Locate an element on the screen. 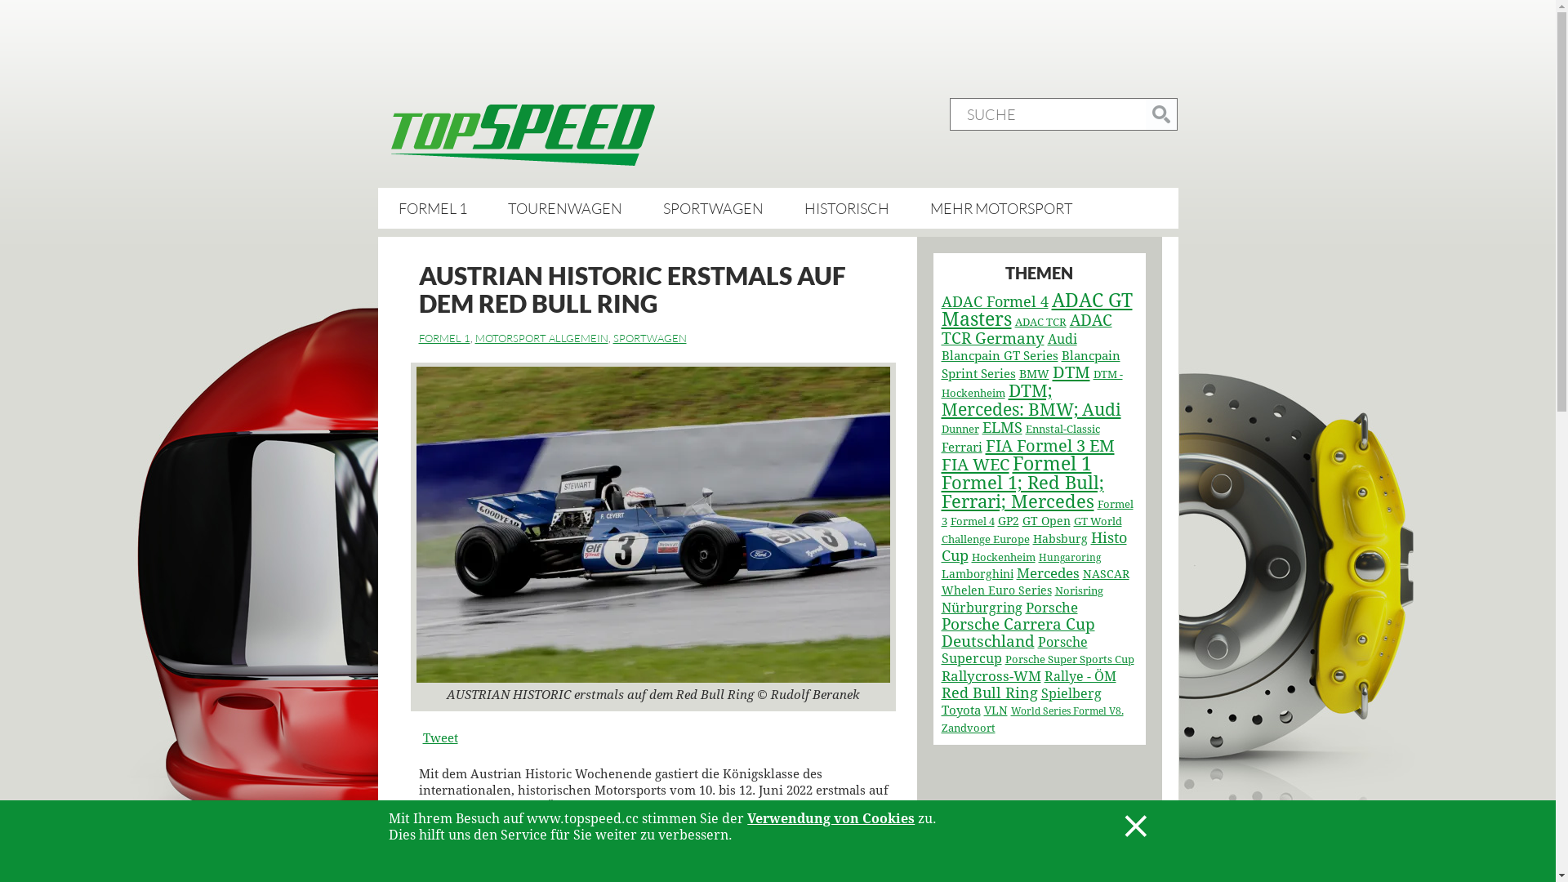  'Absenden' is located at coordinates (1143, 113).